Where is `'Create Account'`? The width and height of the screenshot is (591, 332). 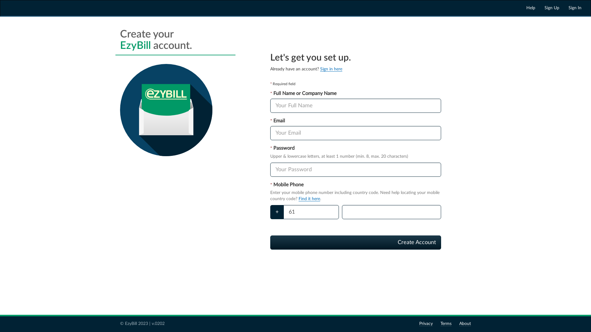
'Create Account' is located at coordinates (356, 242).